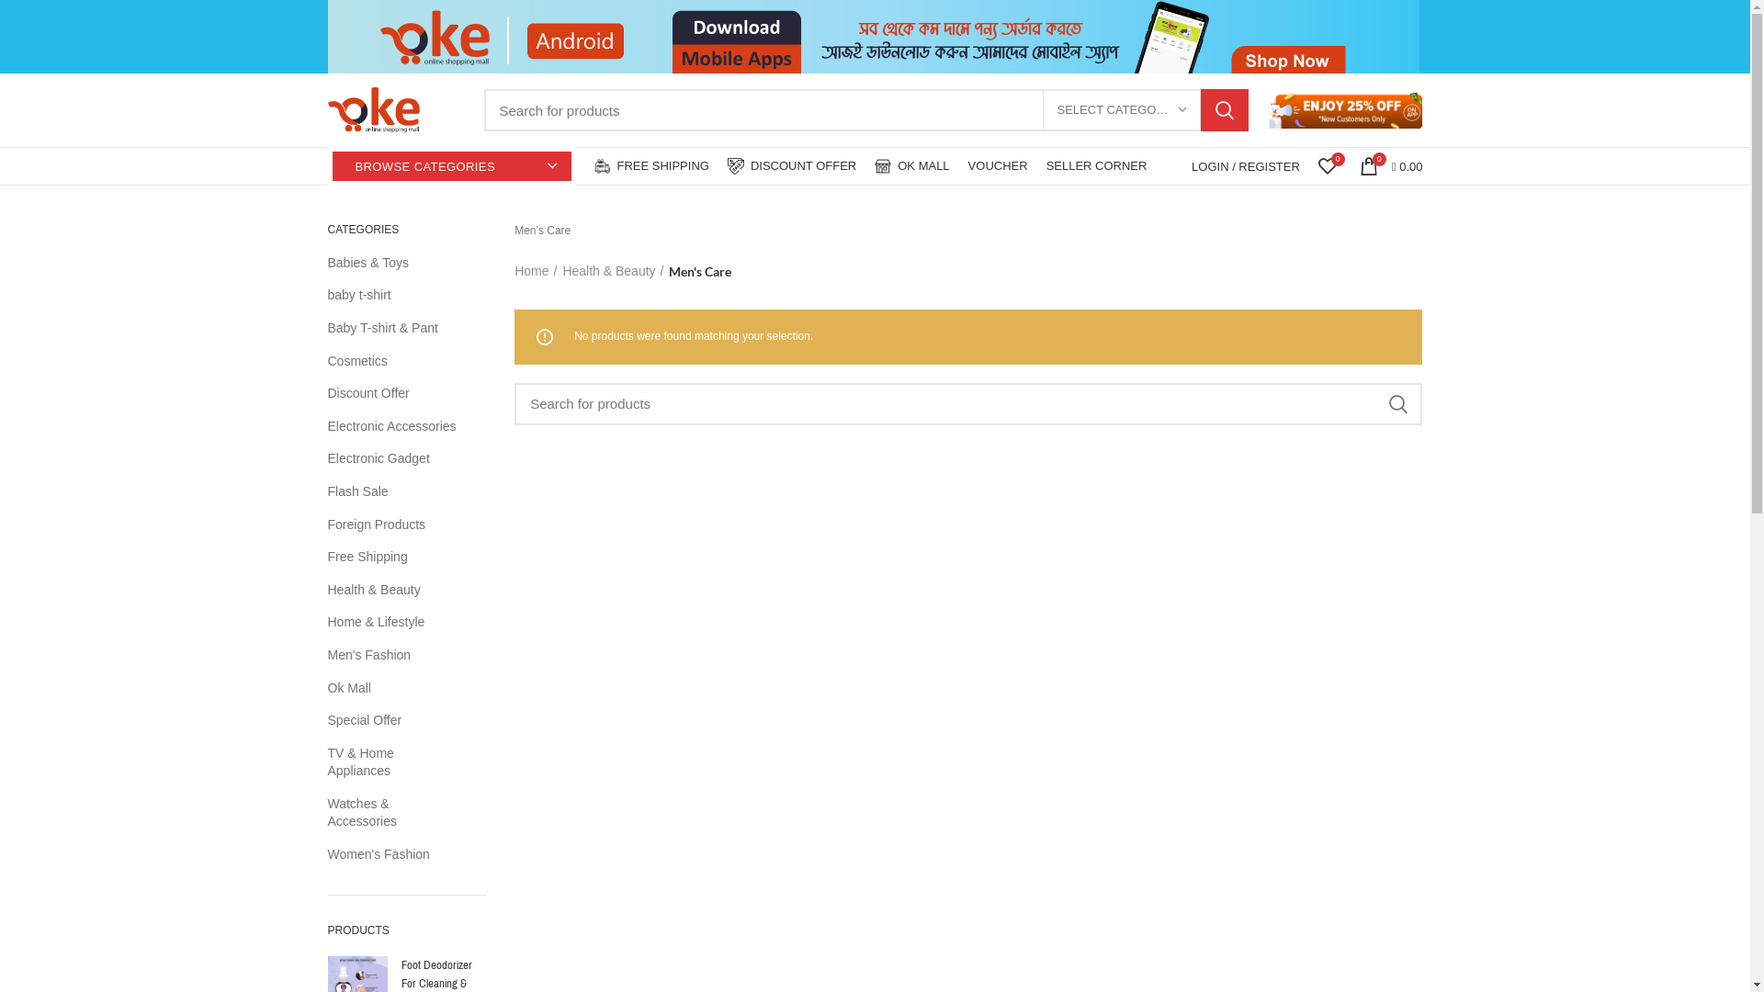  What do you see at coordinates (1327, 166) in the screenshot?
I see `'0'` at bounding box center [1327, 166].